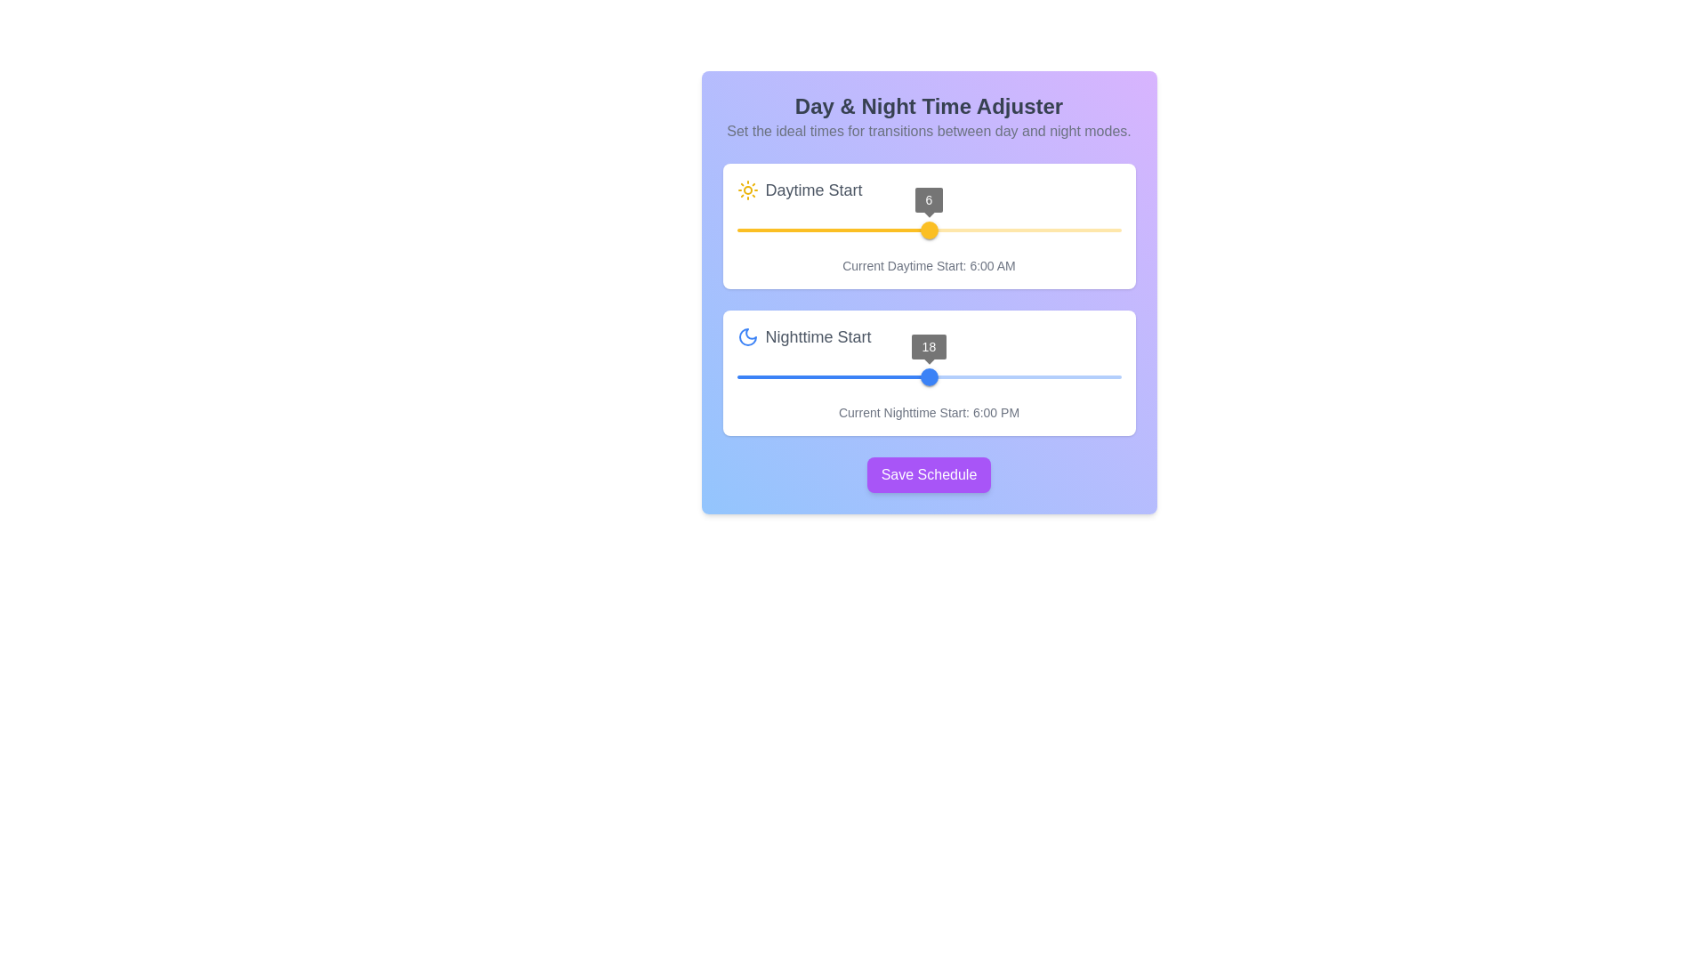 This screenshot has height=961, width=1708. Describe the element at coordinates (897, 229) in the screenshot. I see `the daytime start` at that location.